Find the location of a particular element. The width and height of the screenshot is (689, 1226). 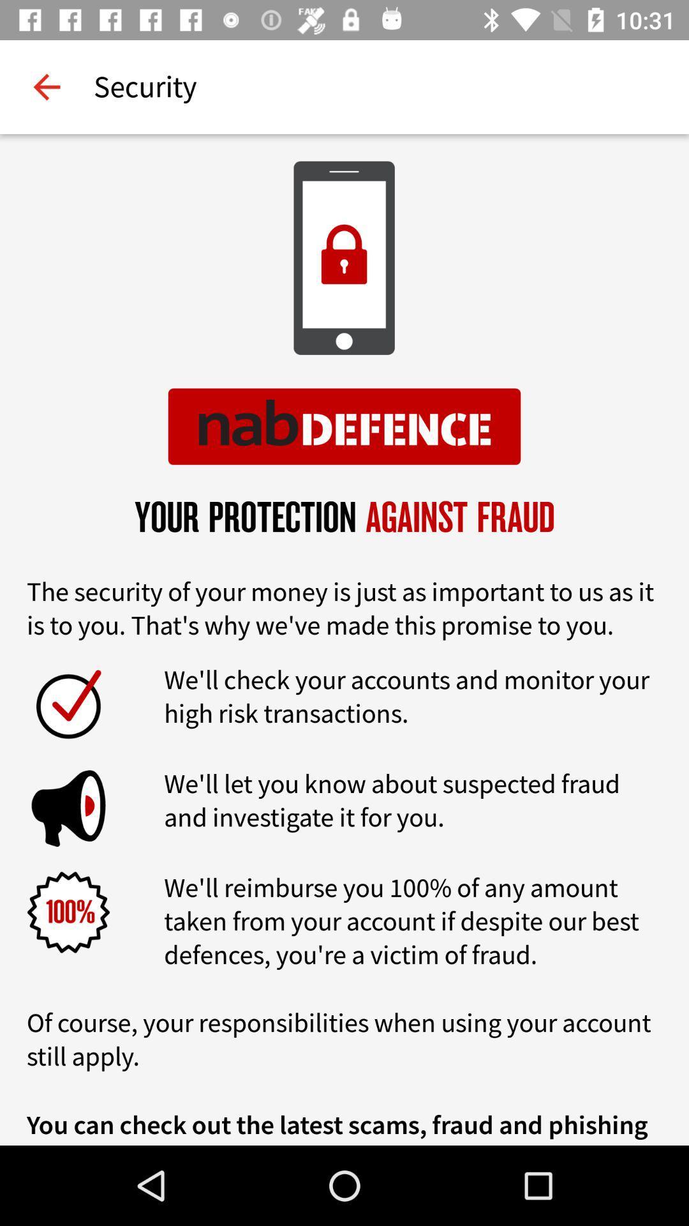

the icon above the your protection against icon is located at coordinates (46, 86).